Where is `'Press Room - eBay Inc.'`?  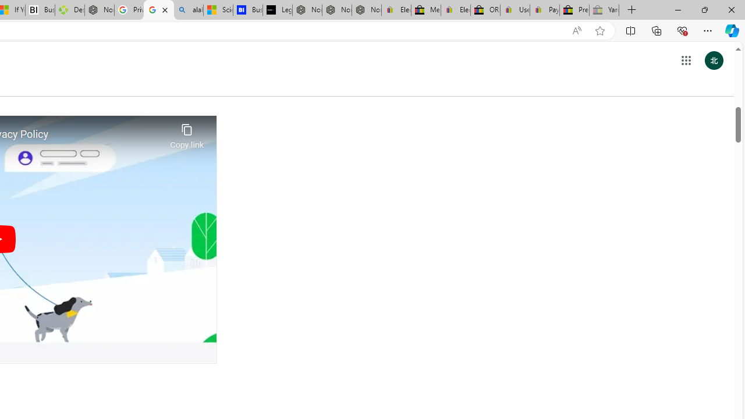 'Press Room - eBay Inc.' is located at coordinates (574, 10).